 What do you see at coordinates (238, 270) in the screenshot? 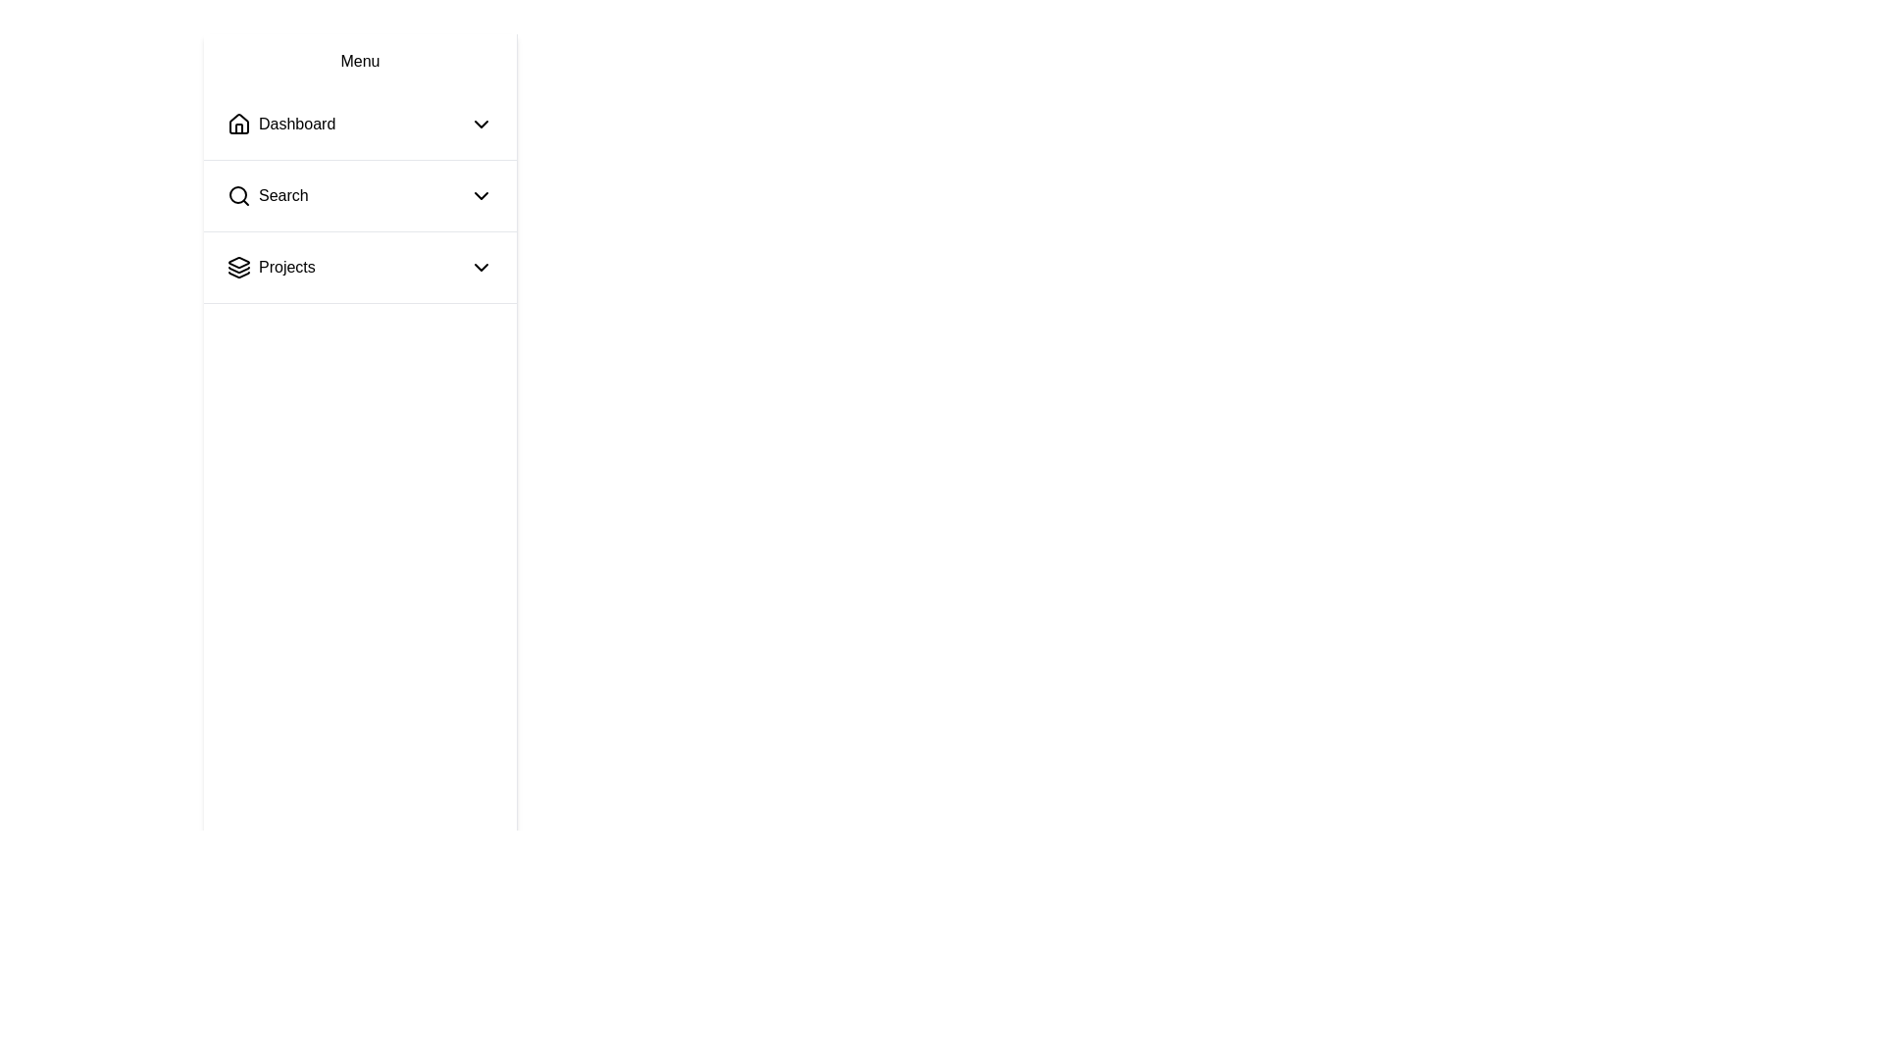
I see `the middle component of the layered icon in the 'Projects' menu, which represents the concept of 'layers' or 'projects'` at bounding box center [238, 270].